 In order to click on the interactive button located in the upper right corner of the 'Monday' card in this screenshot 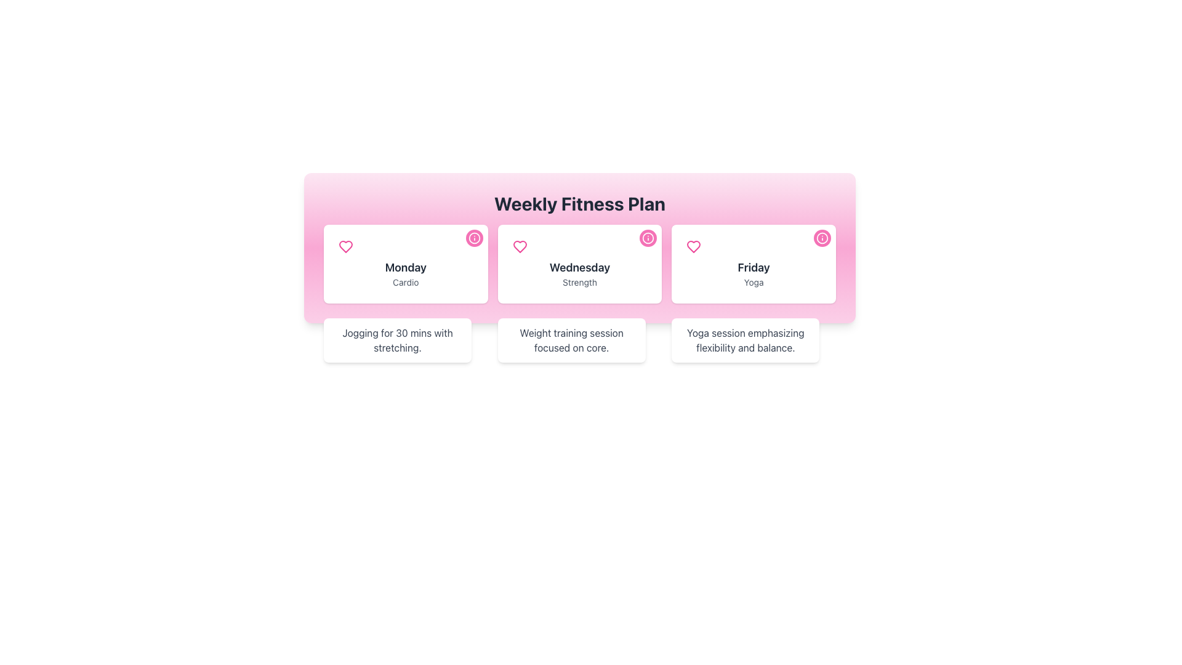, I will do `click(473, 238)`.